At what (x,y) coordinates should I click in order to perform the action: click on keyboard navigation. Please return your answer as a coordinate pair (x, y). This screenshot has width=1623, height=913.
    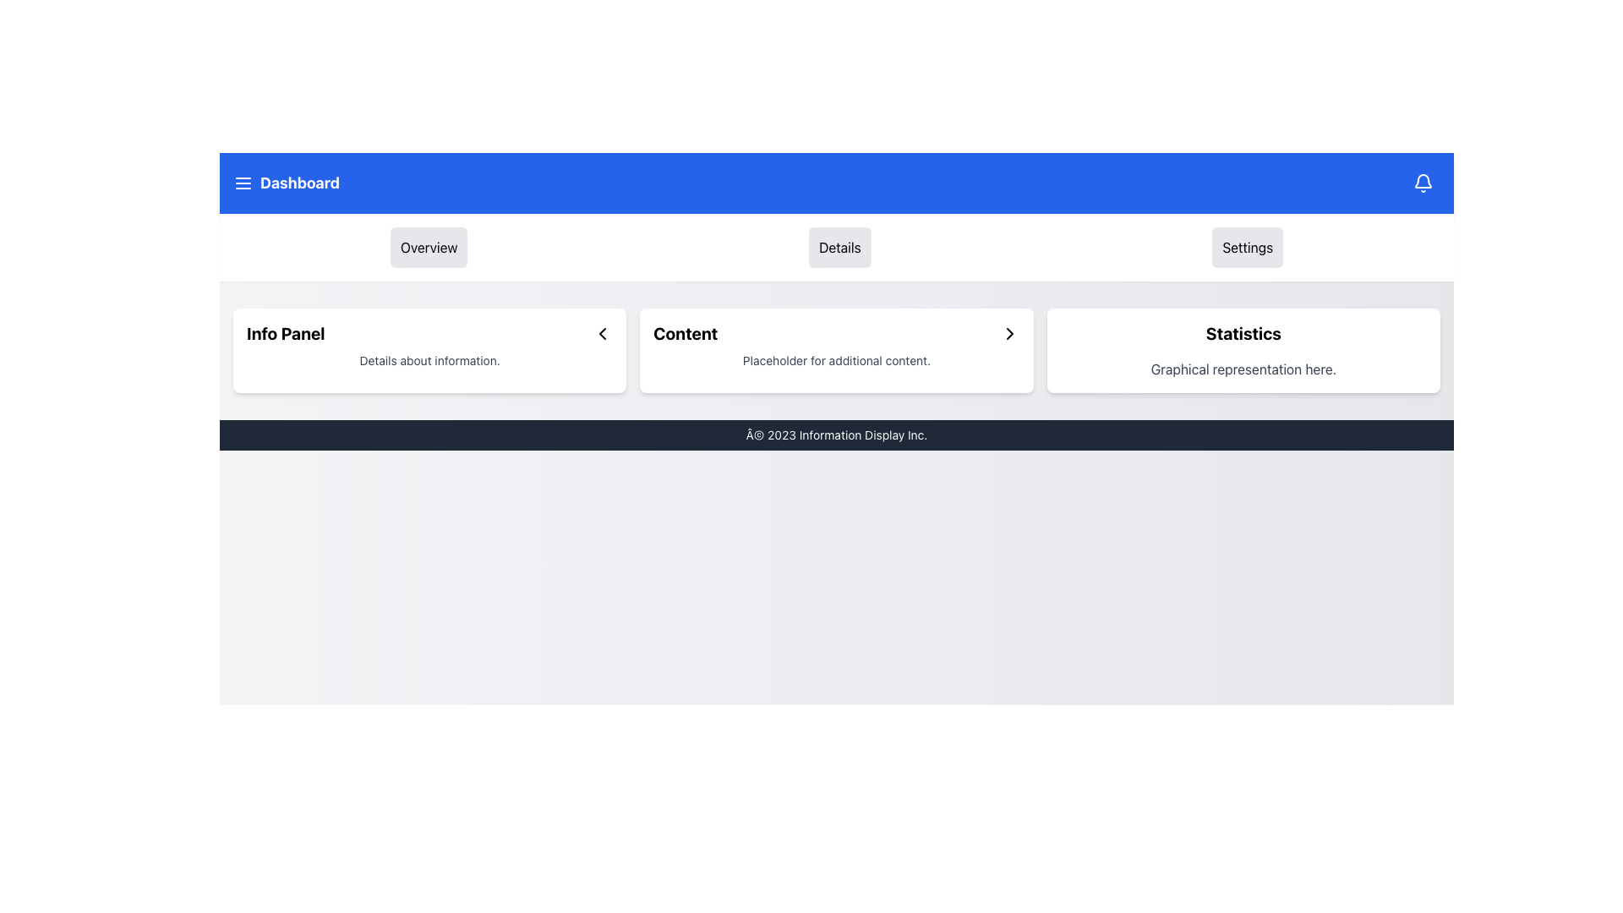
    Looking at the image, I should click on (1009, 333).